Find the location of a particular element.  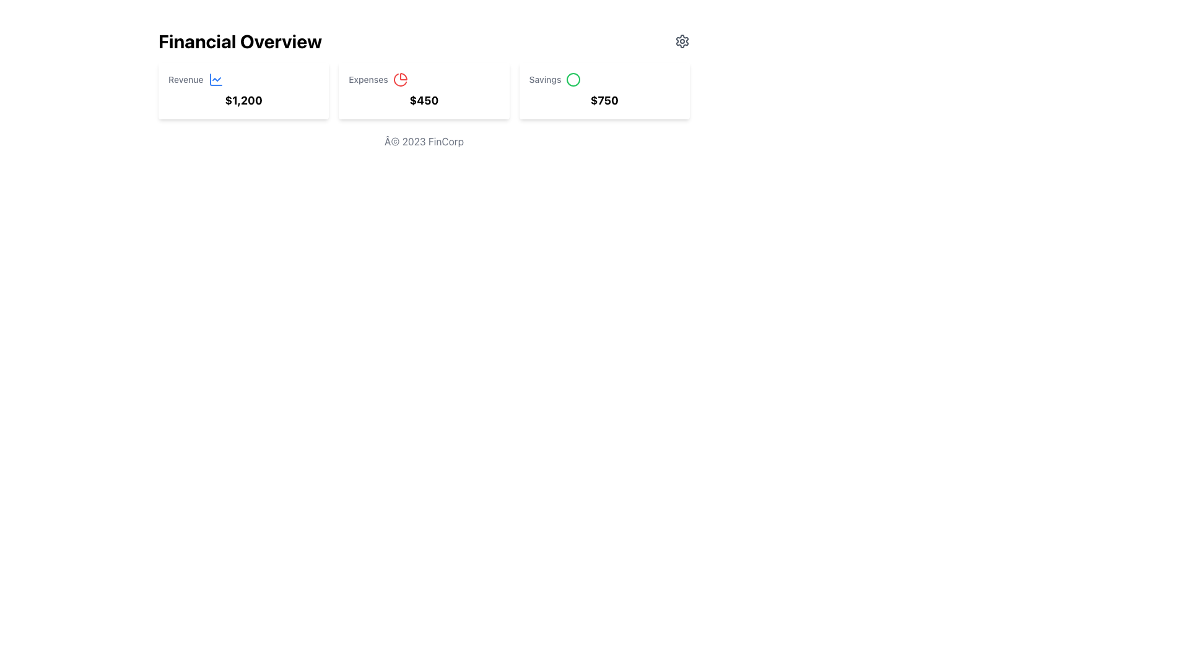

the 'Savings' text label, which is displayed in medium gray color with a smaller font size and bold typeface, located at the top-left corner of its containing flex box is located at coordinates (545, 79).